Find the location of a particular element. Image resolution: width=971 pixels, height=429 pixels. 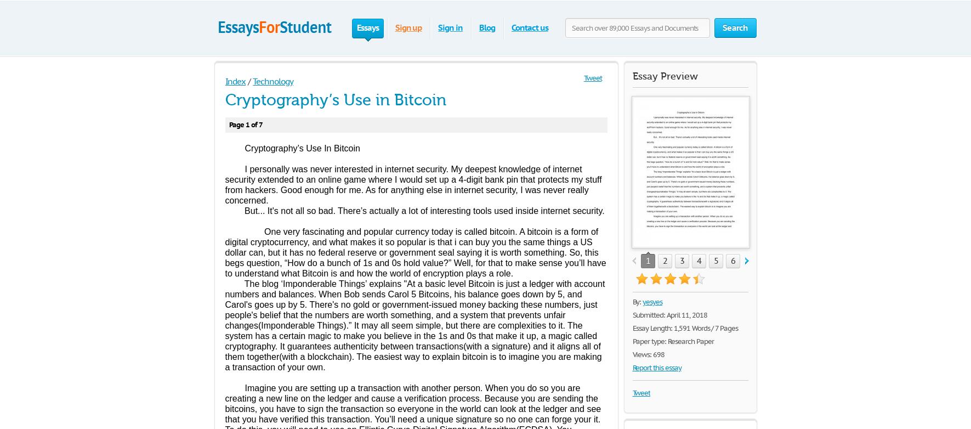

'Page 1 of 7' is located at coordinates (246, 124).